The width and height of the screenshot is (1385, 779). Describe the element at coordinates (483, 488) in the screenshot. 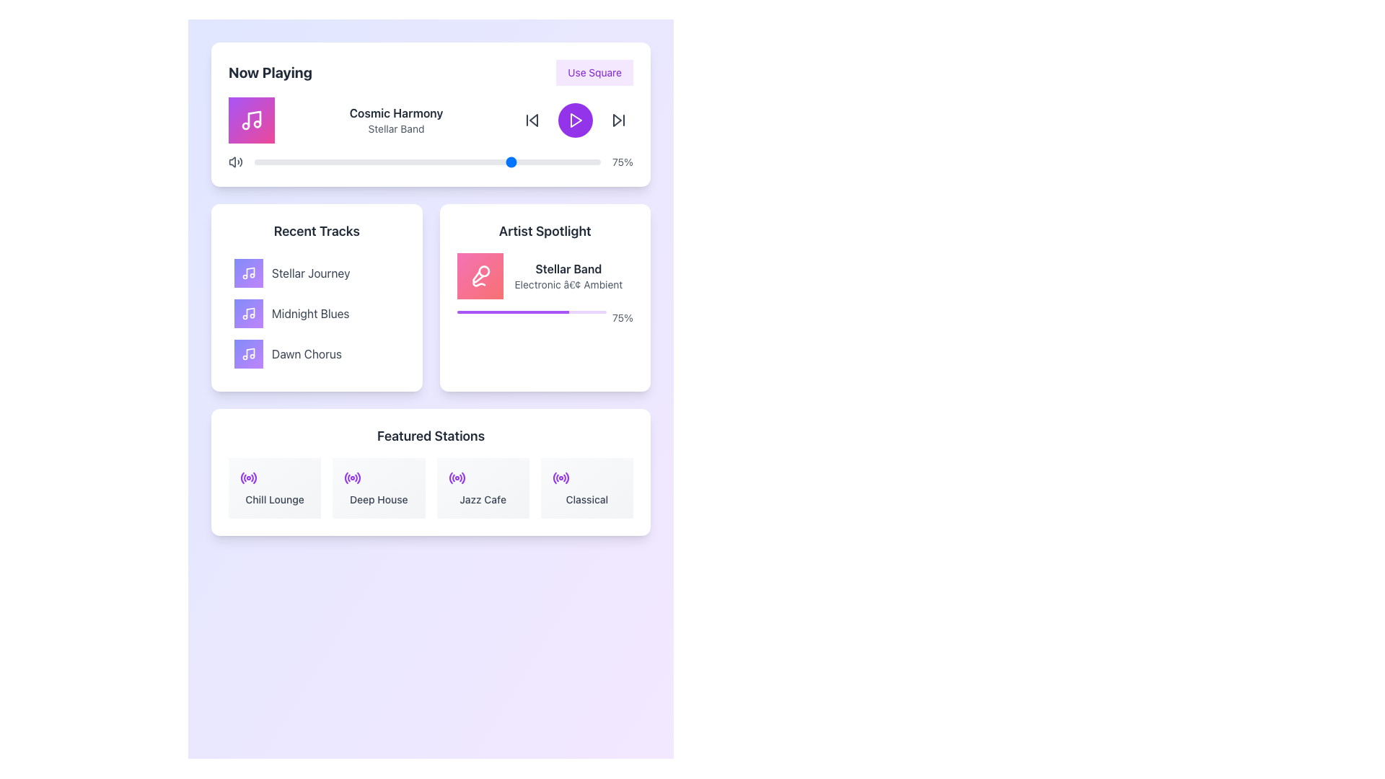

I see `the 'Jazz Cafe' selectable card located in the 'Featured Stations' grid` at that location.